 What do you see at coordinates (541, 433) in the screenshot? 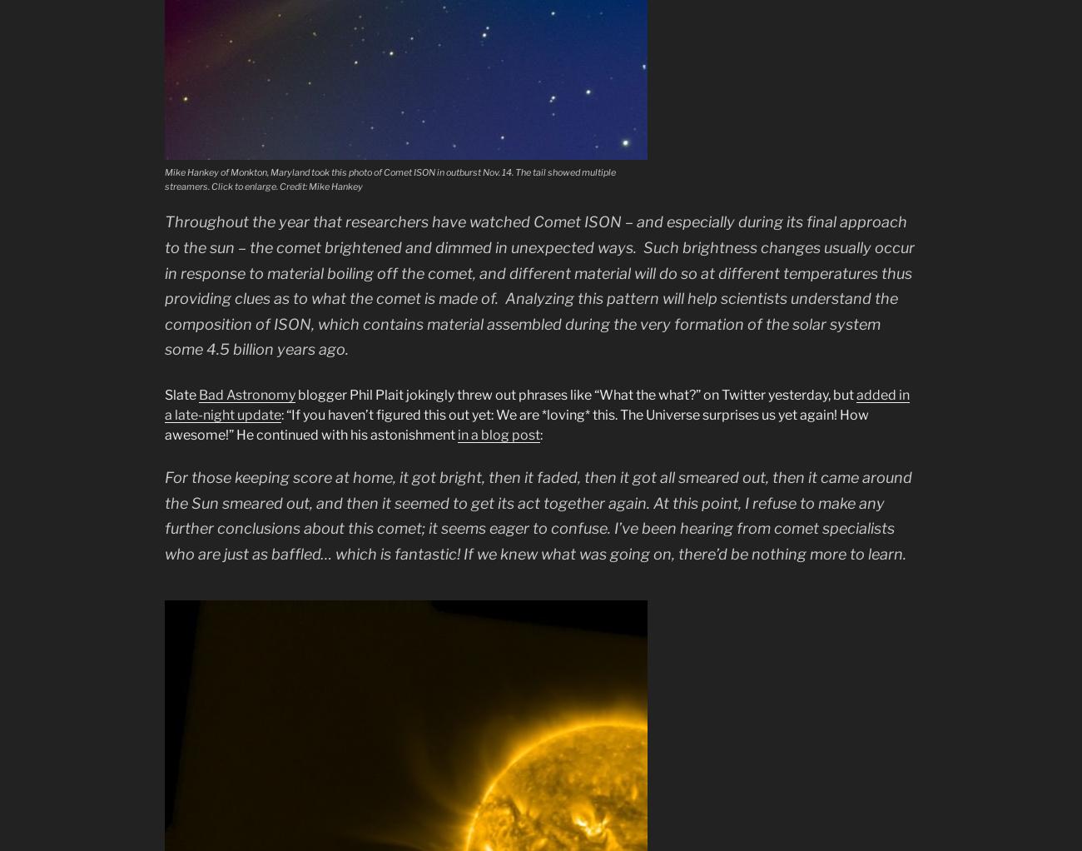
I see `':'` at bounding box center [541, 433].